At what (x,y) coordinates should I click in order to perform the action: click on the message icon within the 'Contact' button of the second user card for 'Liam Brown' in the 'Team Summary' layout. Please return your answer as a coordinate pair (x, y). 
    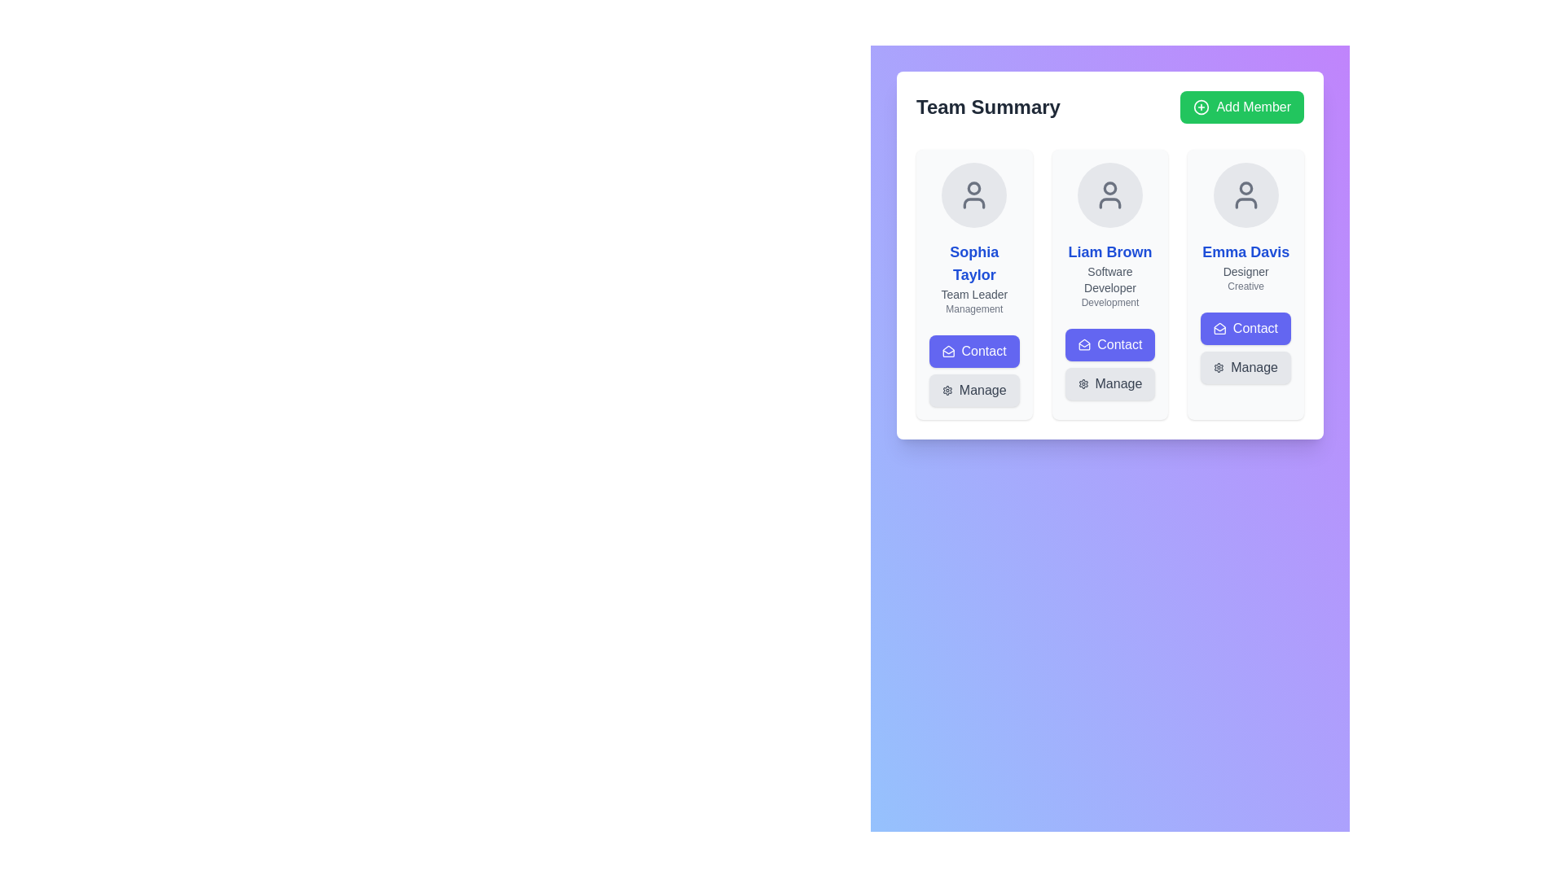
    Looking at the image, I should click on (1084, 344).